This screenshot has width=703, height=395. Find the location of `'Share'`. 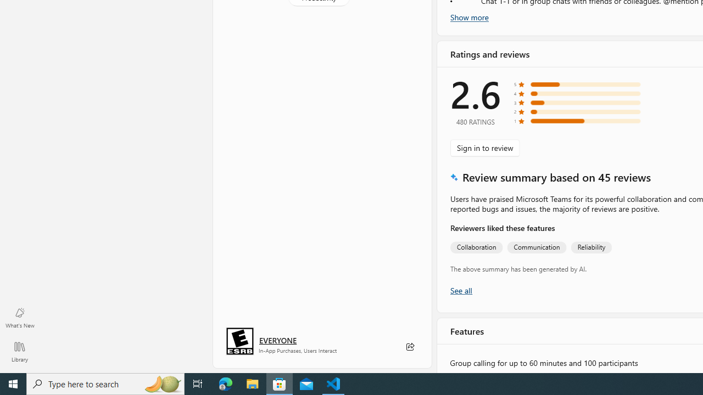

'Share' is located at coordinates (409, 347).